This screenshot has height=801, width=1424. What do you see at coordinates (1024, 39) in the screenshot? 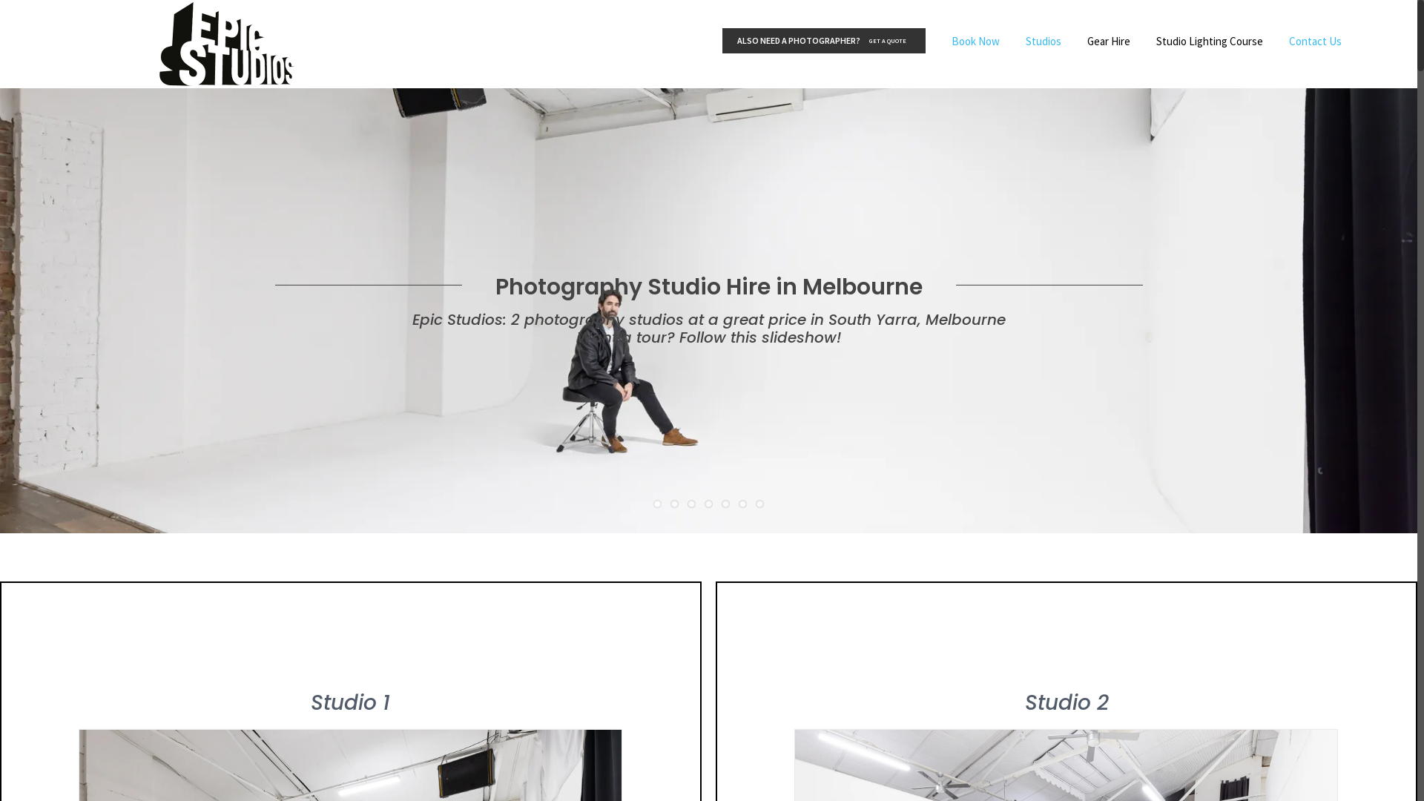
I see `'Studios'` at bounding box center [1024, 39].